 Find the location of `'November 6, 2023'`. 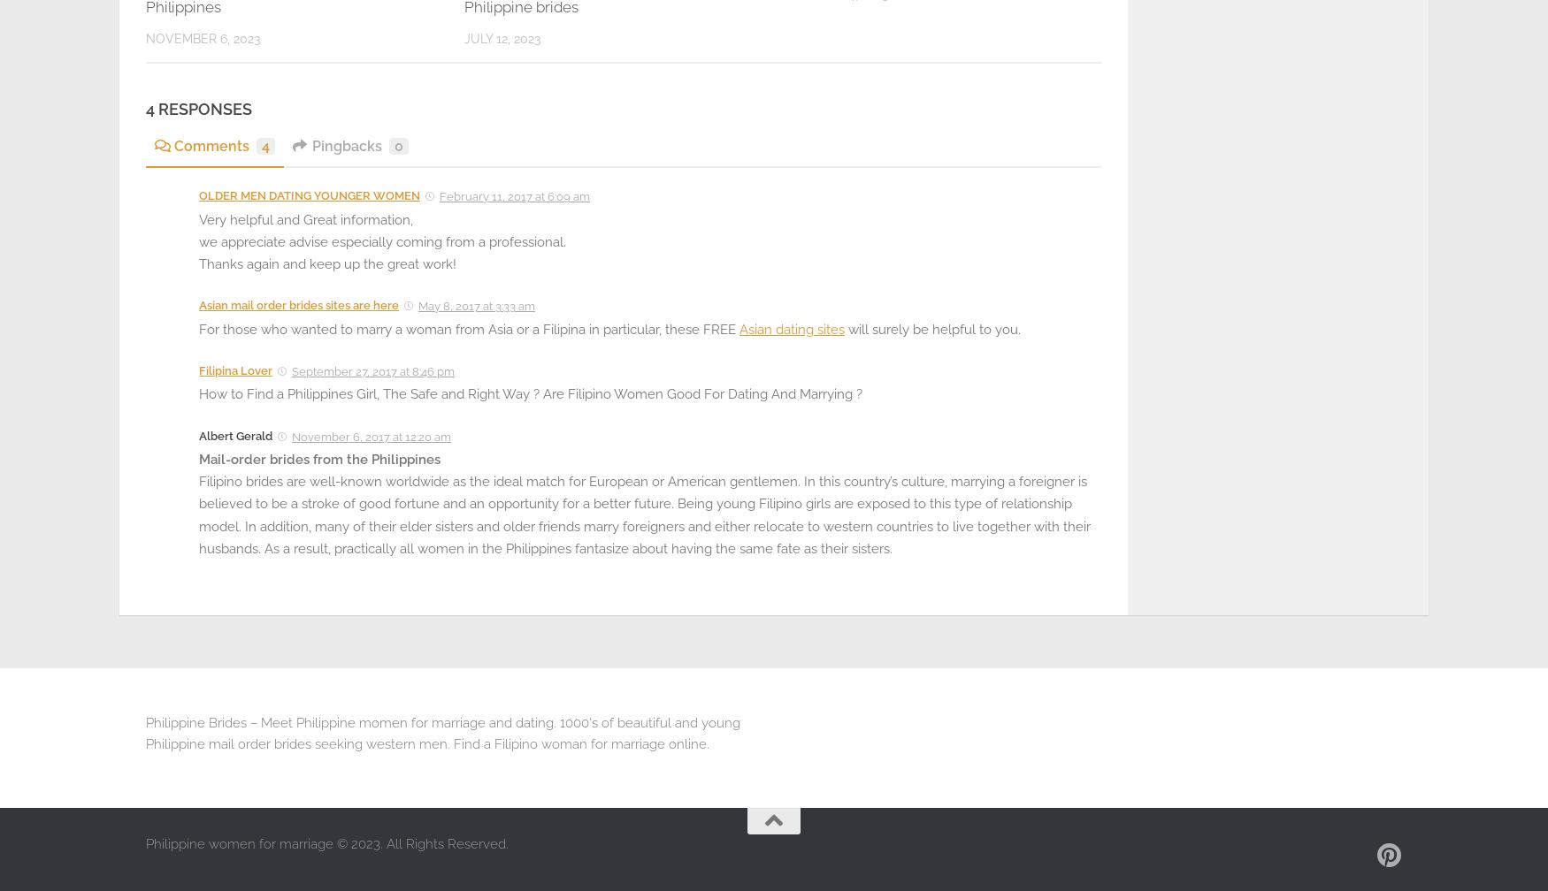

'November 6, 2023' is located at coordinates (203, 38).